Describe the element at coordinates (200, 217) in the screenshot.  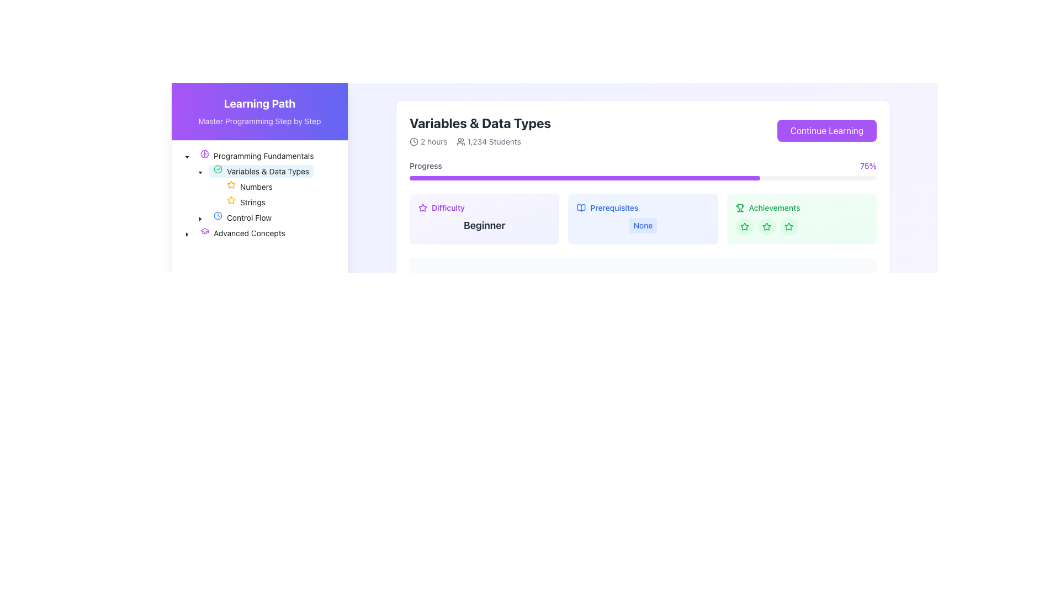
I see `the Tree switcher icon (expand/collapse control) located to the left of the 'Control Flow' entry` at that location.